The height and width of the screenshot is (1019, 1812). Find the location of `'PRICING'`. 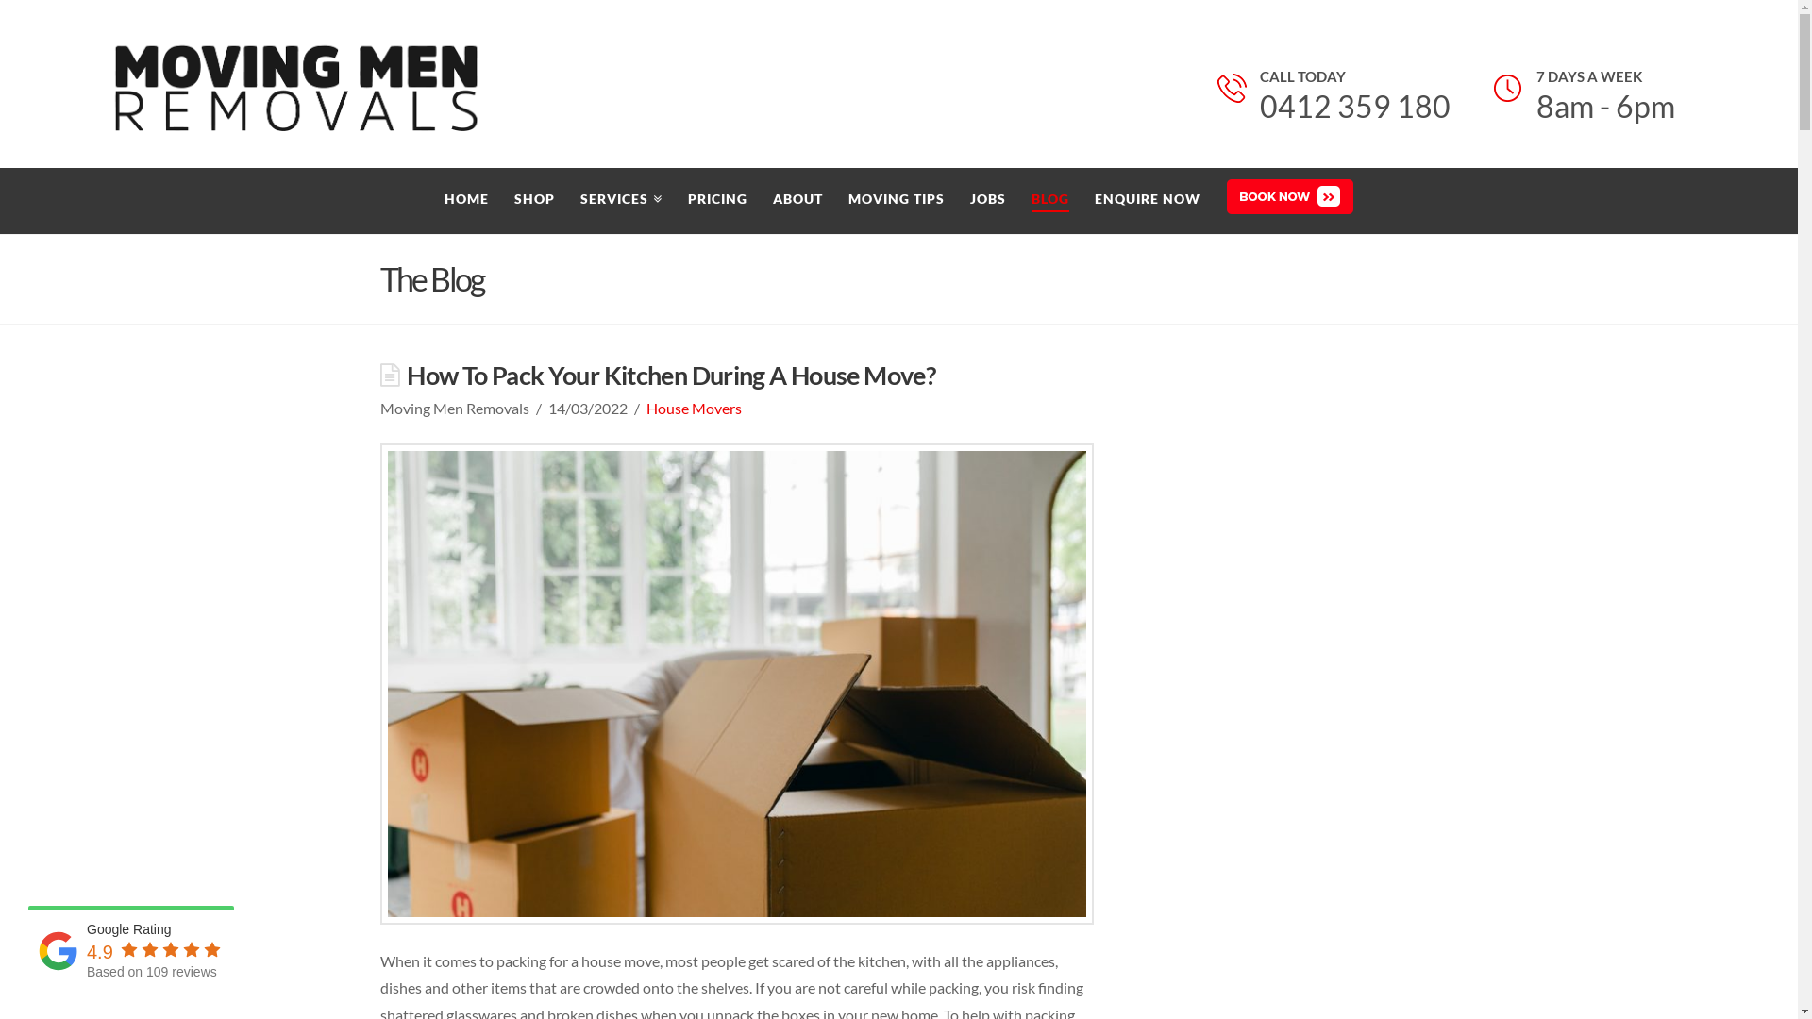

'PRICING' is located at coordinates (675, 200).